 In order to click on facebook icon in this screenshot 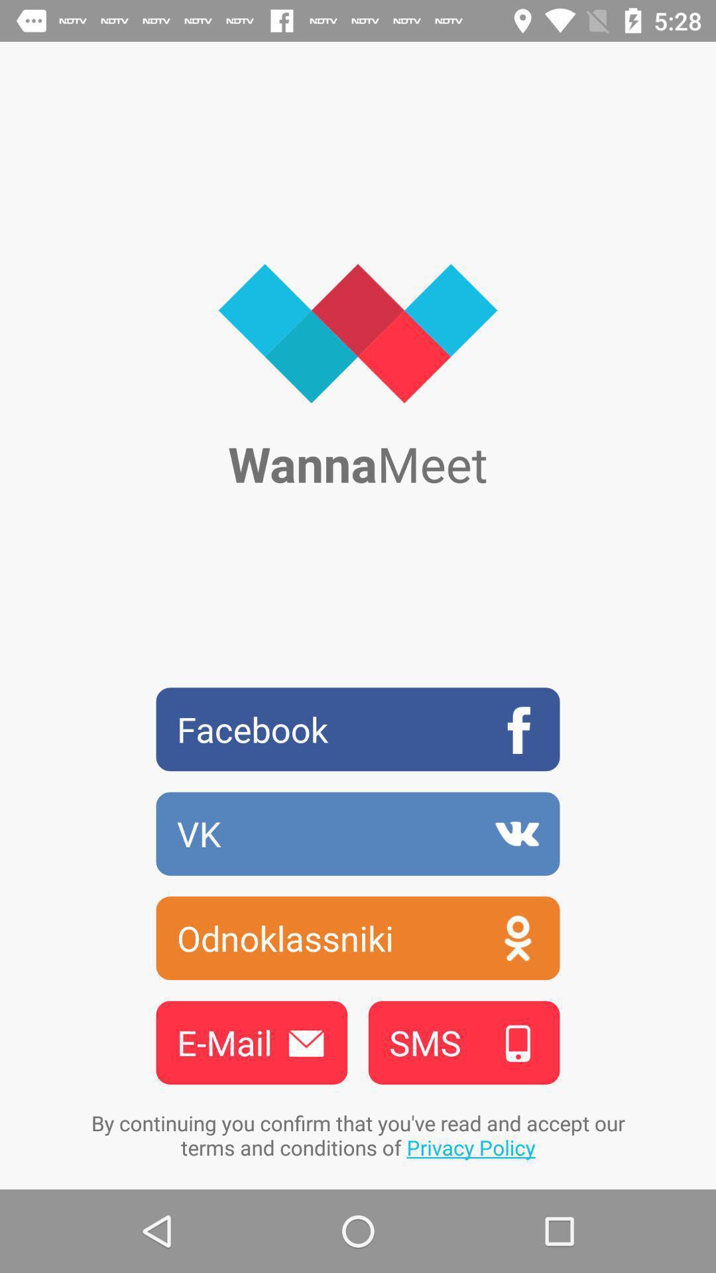, I will do `click(358, 729)`.